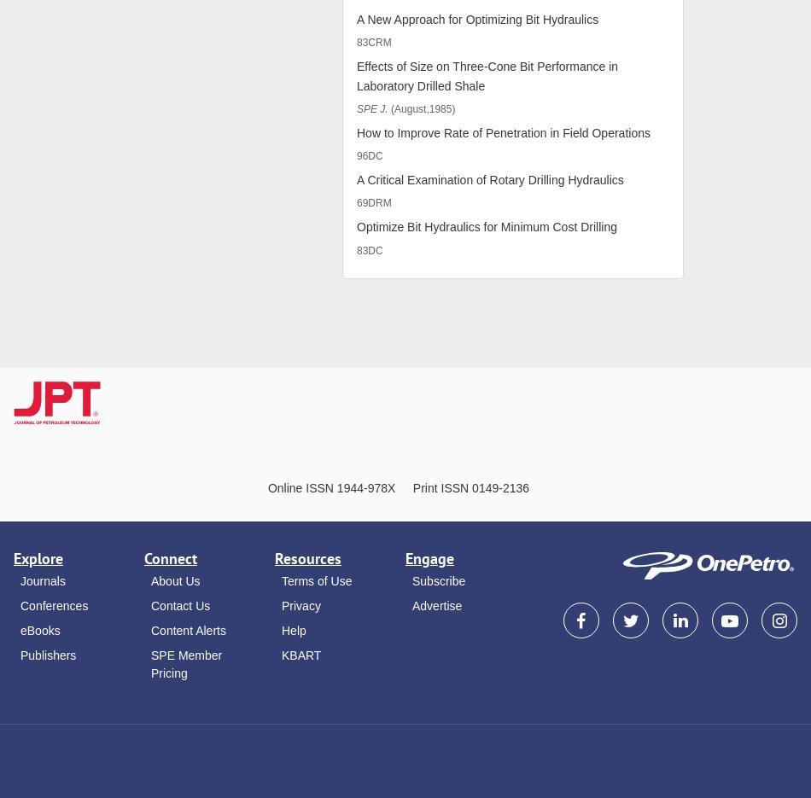 This screenshot has width=811, height=798. What do you see at coordinates (441, 488) in the screenshot?
I see `'Print ISSN'` at bounding box center [441, 488].